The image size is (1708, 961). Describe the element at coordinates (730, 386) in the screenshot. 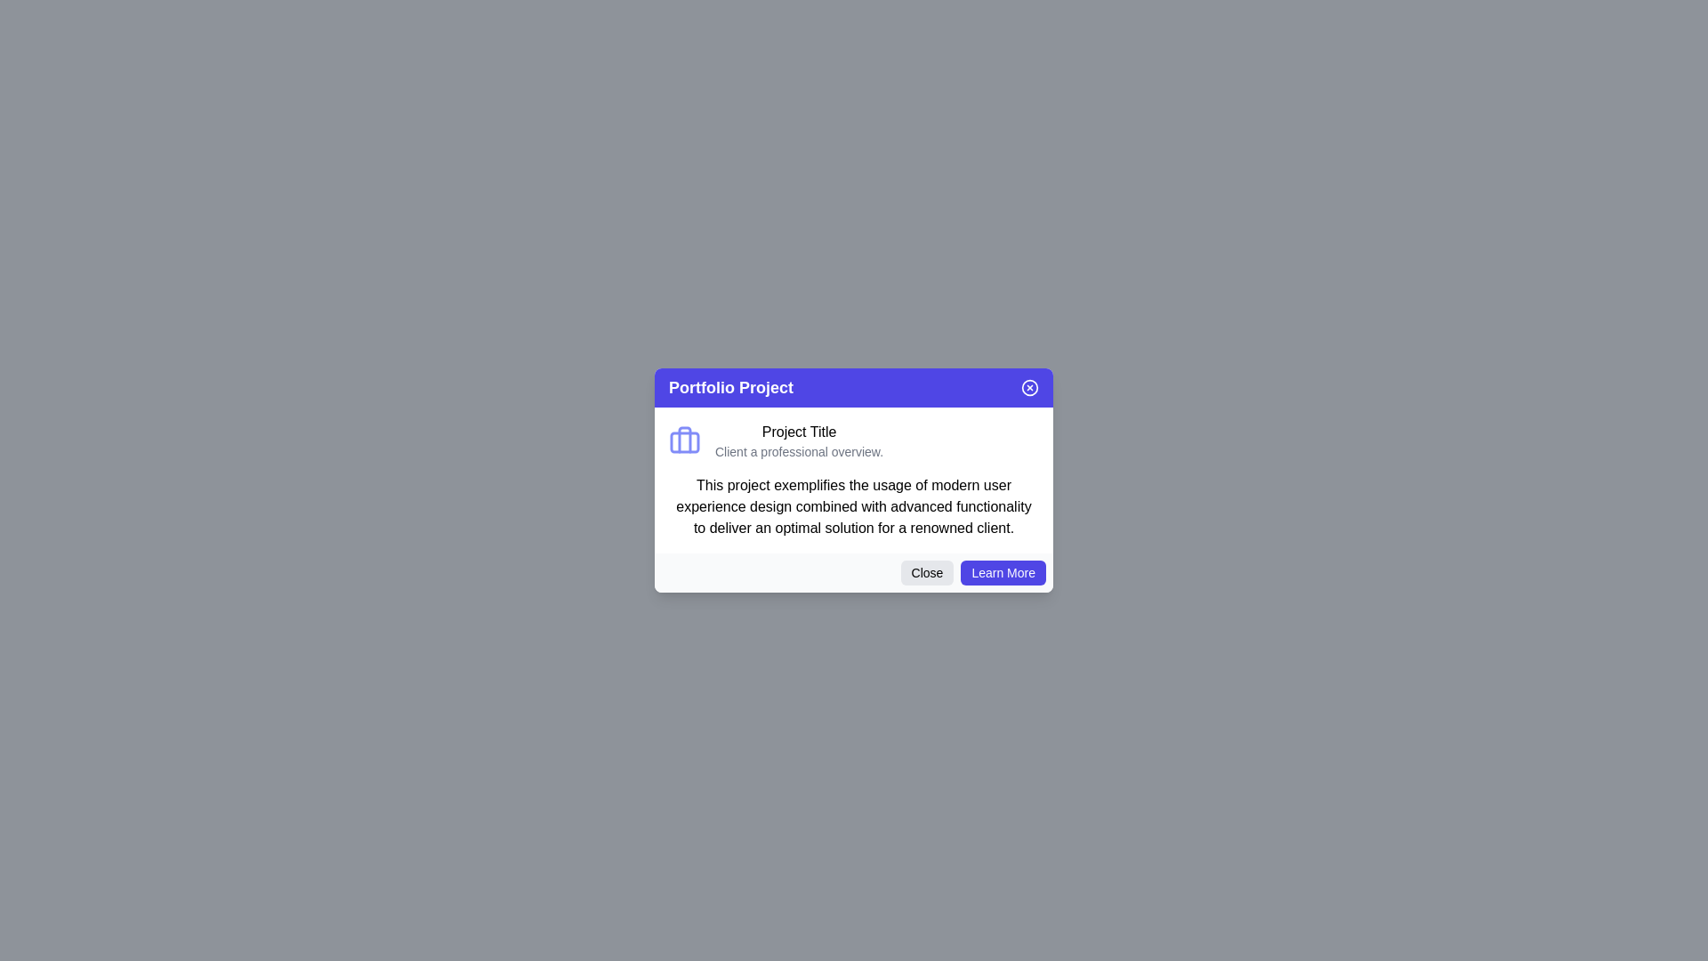

I see `the text label displaying 'Portfolio Project', which is located in the top-left area of the header section of a dialog box with a purple background` at that location.